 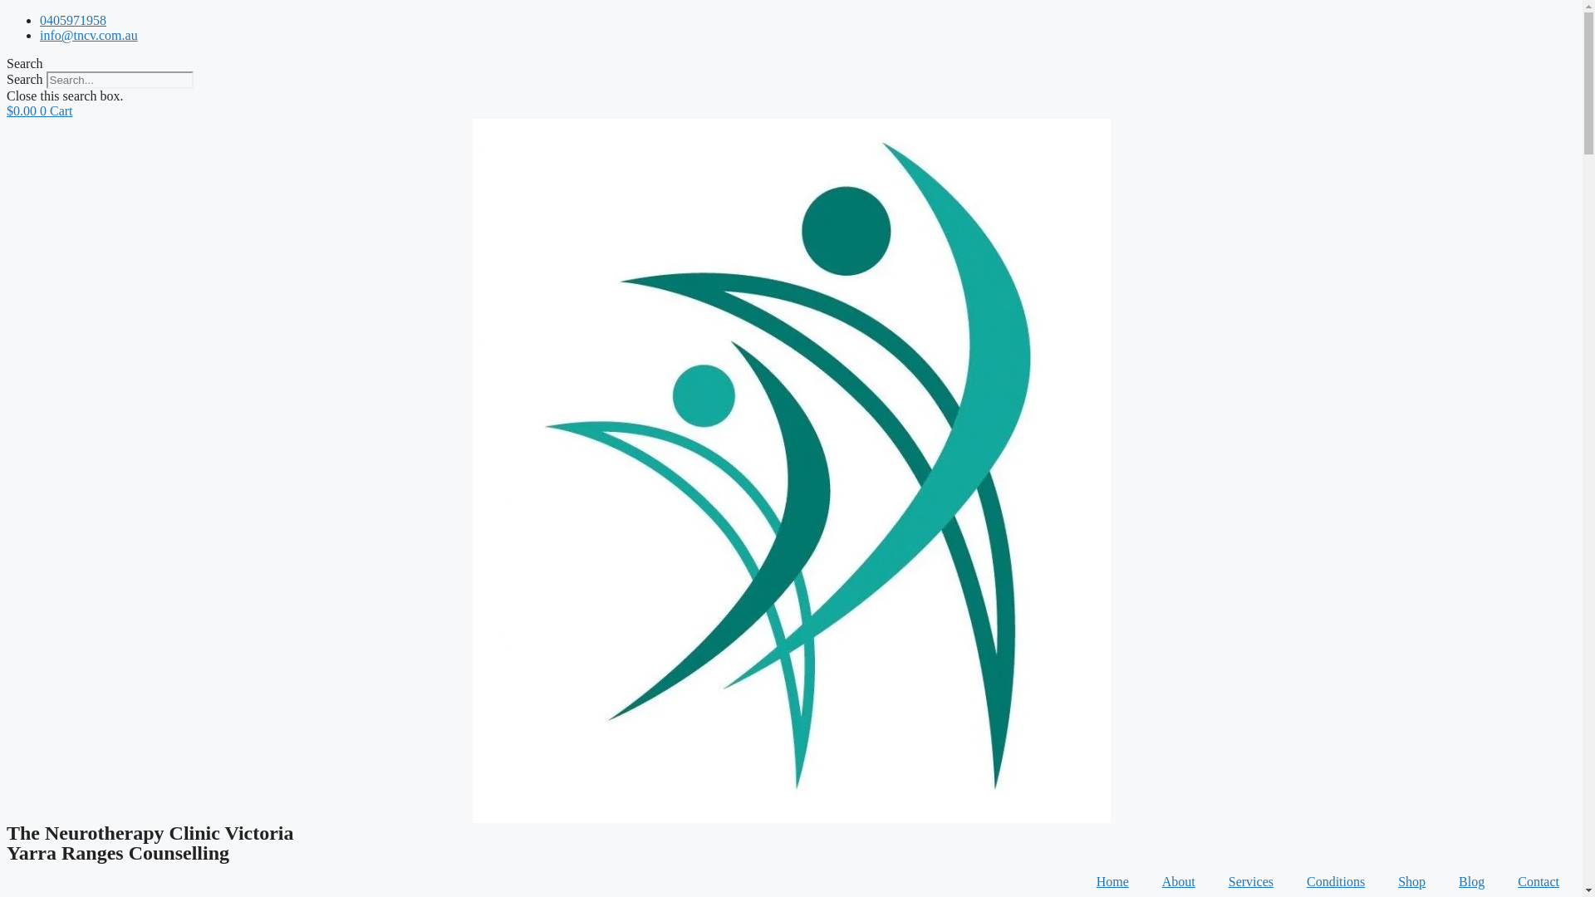 What do you see at coordinates (71, 20) in the screenshot?
I see `'0405971958'` at bounding box center [71, 20].